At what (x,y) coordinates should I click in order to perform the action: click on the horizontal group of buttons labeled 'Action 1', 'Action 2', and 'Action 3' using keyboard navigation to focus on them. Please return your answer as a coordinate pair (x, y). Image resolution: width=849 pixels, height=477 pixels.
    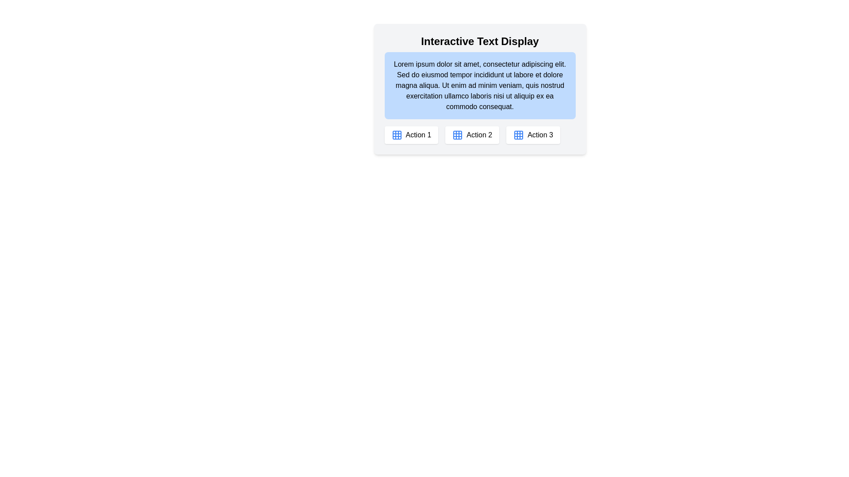
    Looking at the image, I should click on (479, 135).